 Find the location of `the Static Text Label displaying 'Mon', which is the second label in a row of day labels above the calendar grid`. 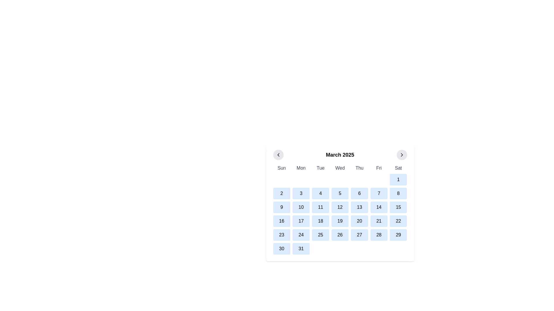

the Static Text Label displaying 'Mon', which is the second label in a row of day labels above the calendar grid is located at coordinates (301, 168).